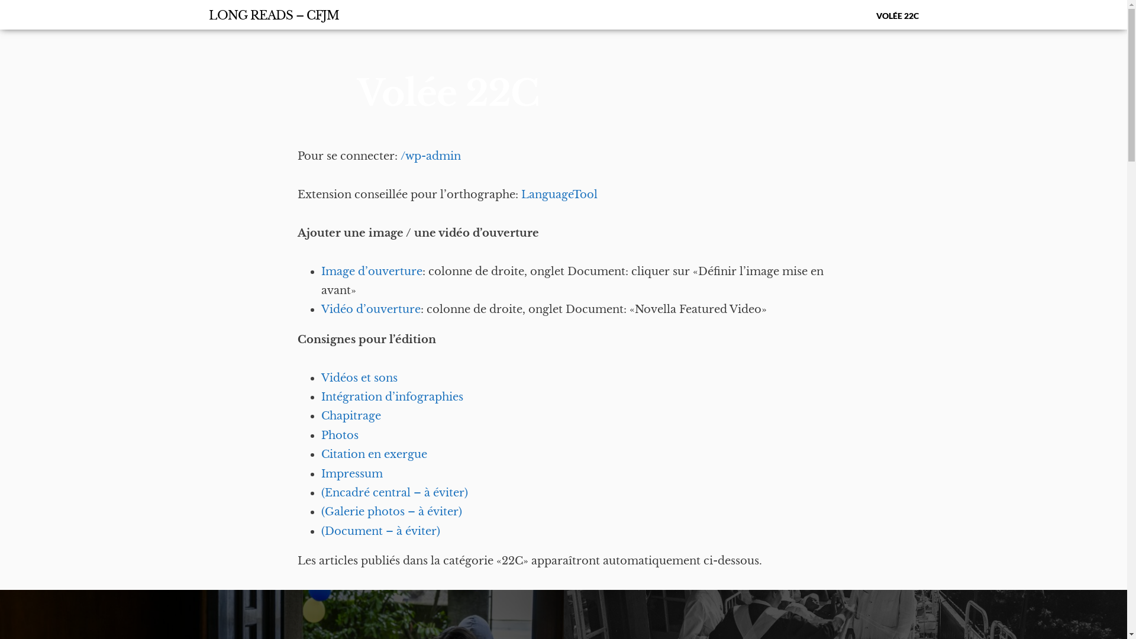 Image resolution: width=1136 pixels, height=639 pixels. I want to click on 'Impressum', so click(351, 473).